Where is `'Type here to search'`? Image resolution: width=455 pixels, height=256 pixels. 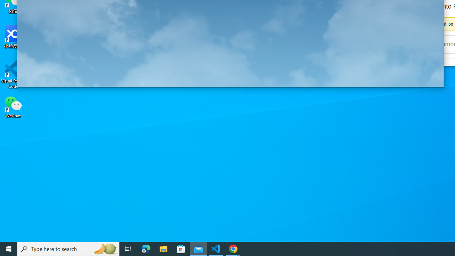
'Type here to search' is located at coordinates (68, 248).